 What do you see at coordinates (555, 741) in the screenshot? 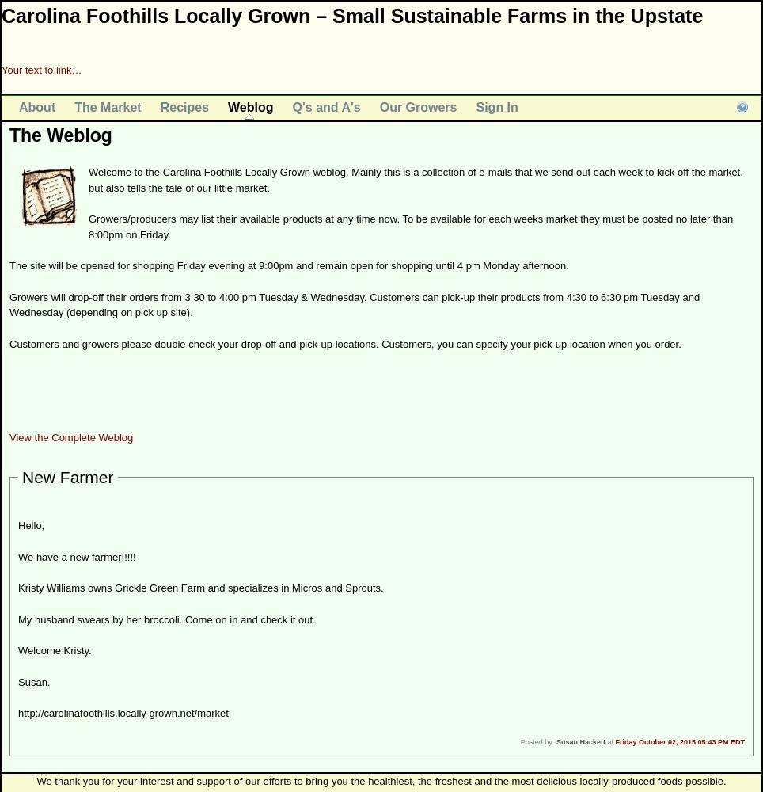
I see `'Susan Hackett'` at bounding box center [555, 741].